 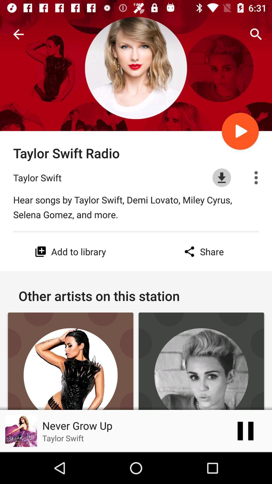 What do you see at coordinates (245, 431) in the screenshot?
I see `the pause icon` at bounding box center [245, 431].